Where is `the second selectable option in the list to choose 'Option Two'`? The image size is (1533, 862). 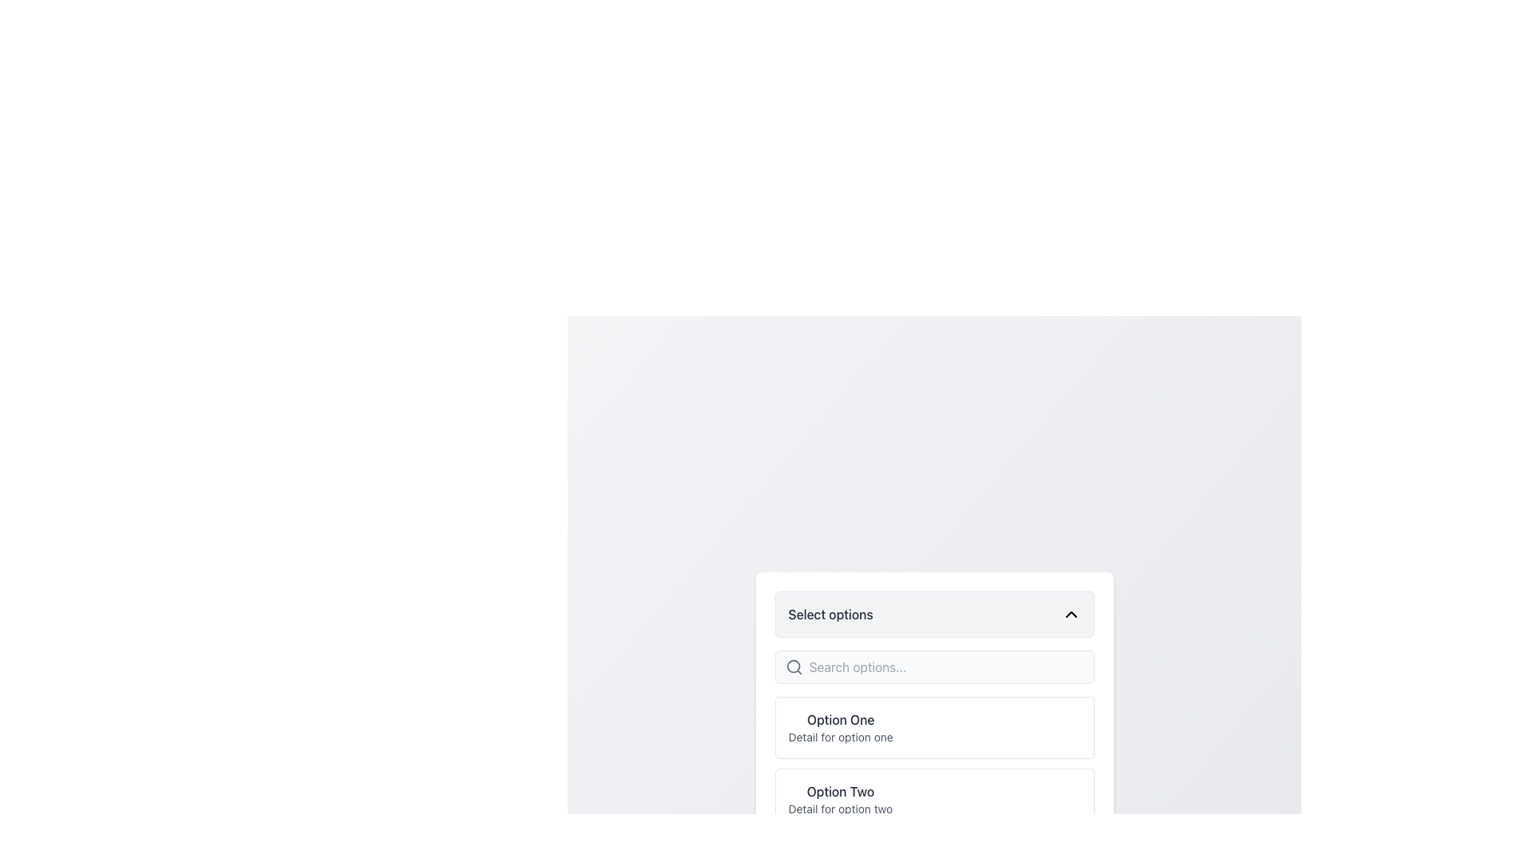
the second selectable option in the list to choose 'Option Two' is located at coordinates (934, 800).